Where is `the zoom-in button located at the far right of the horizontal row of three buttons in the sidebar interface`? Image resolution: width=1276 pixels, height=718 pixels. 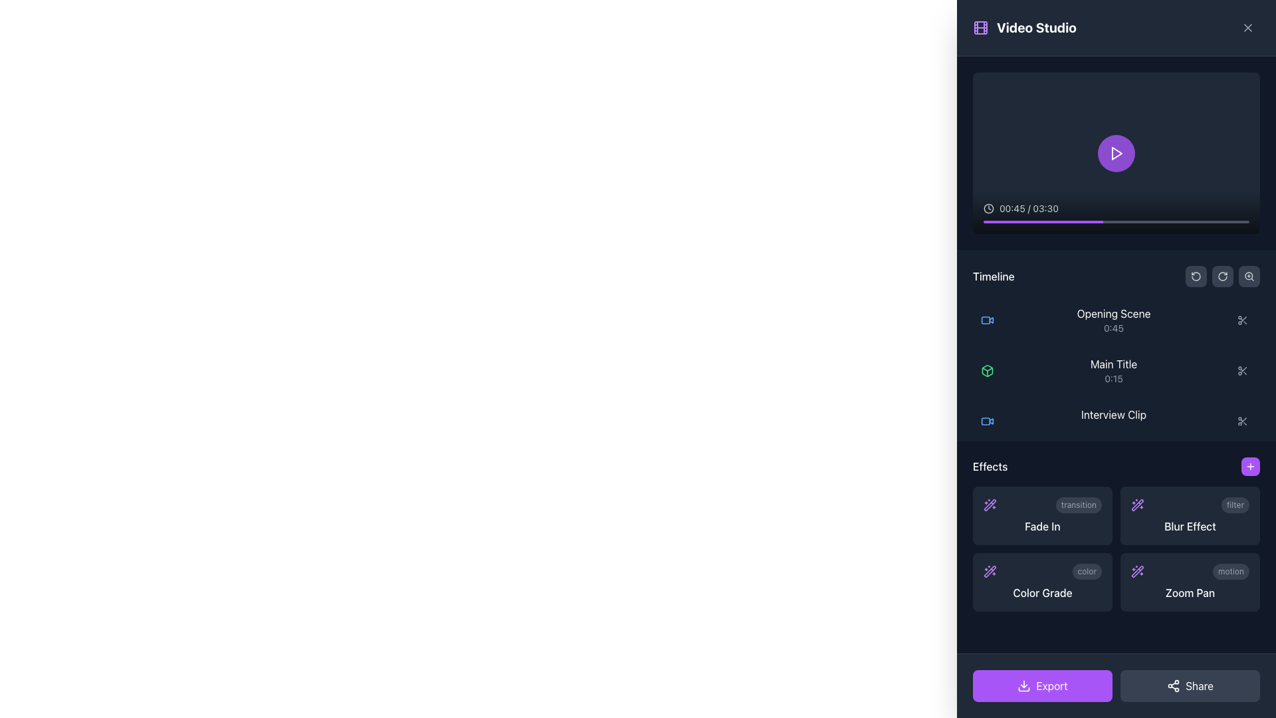 the zoom-in button located at the far right of the horizontal row of three buttons in the sidebar interface is located at coordinates (1249, 276).